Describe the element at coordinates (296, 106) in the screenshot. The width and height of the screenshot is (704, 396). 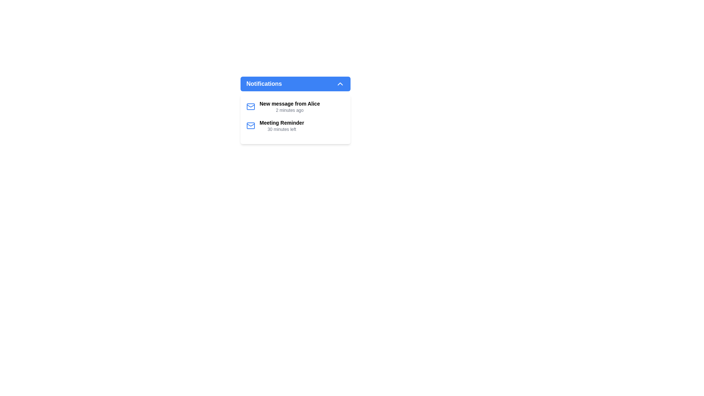
I see `the first notification card in the notification panel` at that location.